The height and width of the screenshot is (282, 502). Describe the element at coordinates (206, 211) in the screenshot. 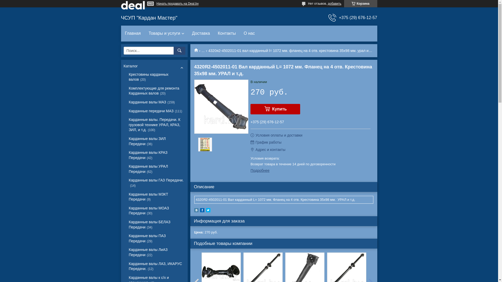

I see `'twitter'` at that location.